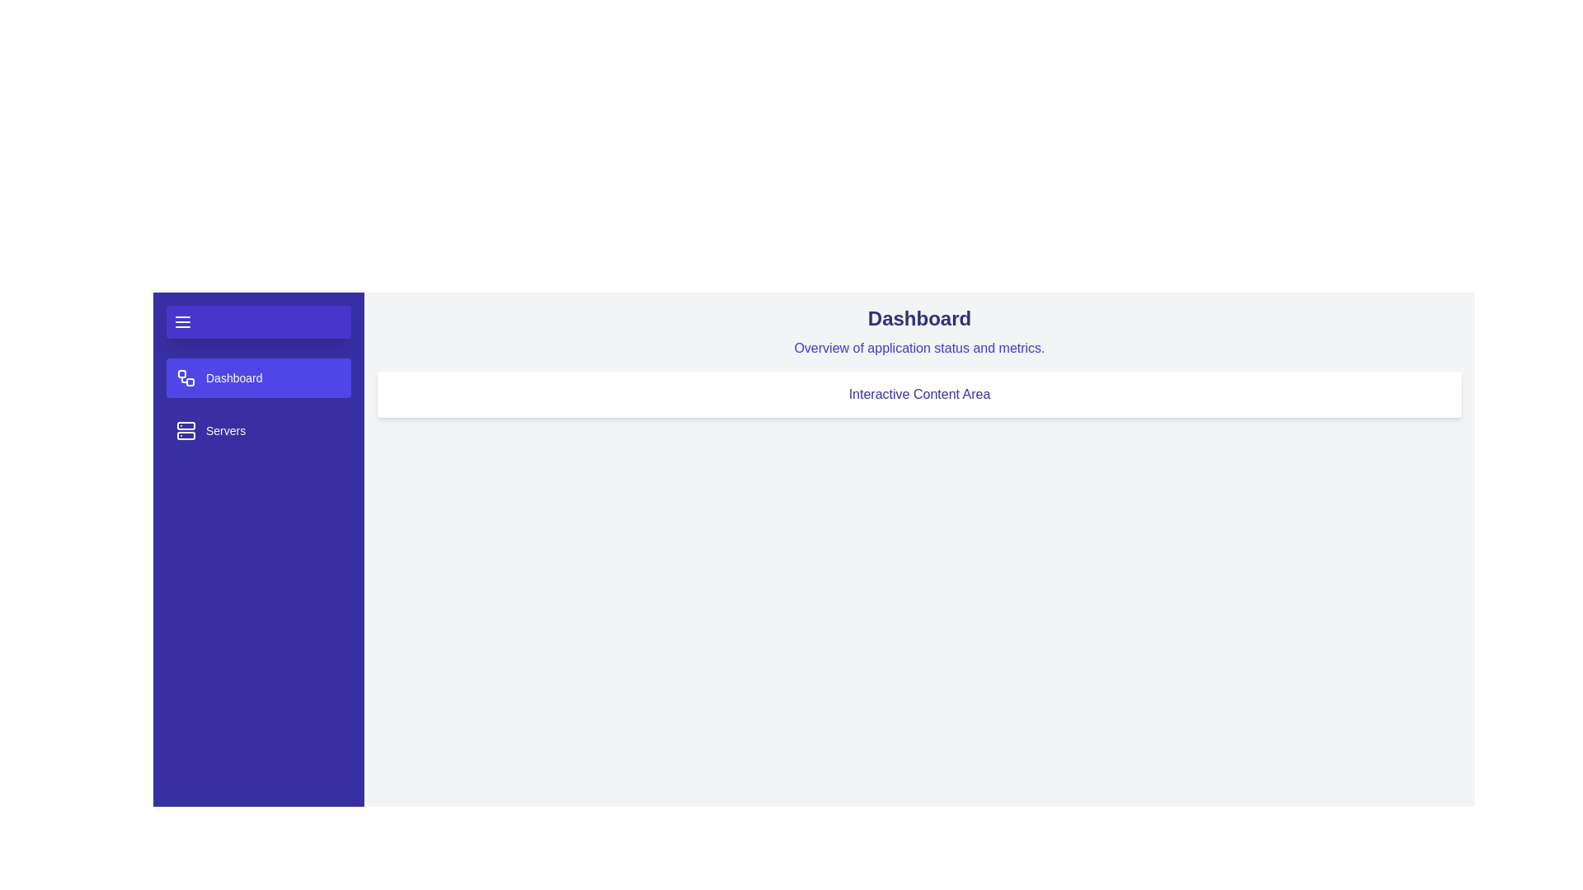  What do you see at coordinates (257, 430) in the screenshot?
I see `the menu item Servers to highlight it` at bounding box center [257, 430].